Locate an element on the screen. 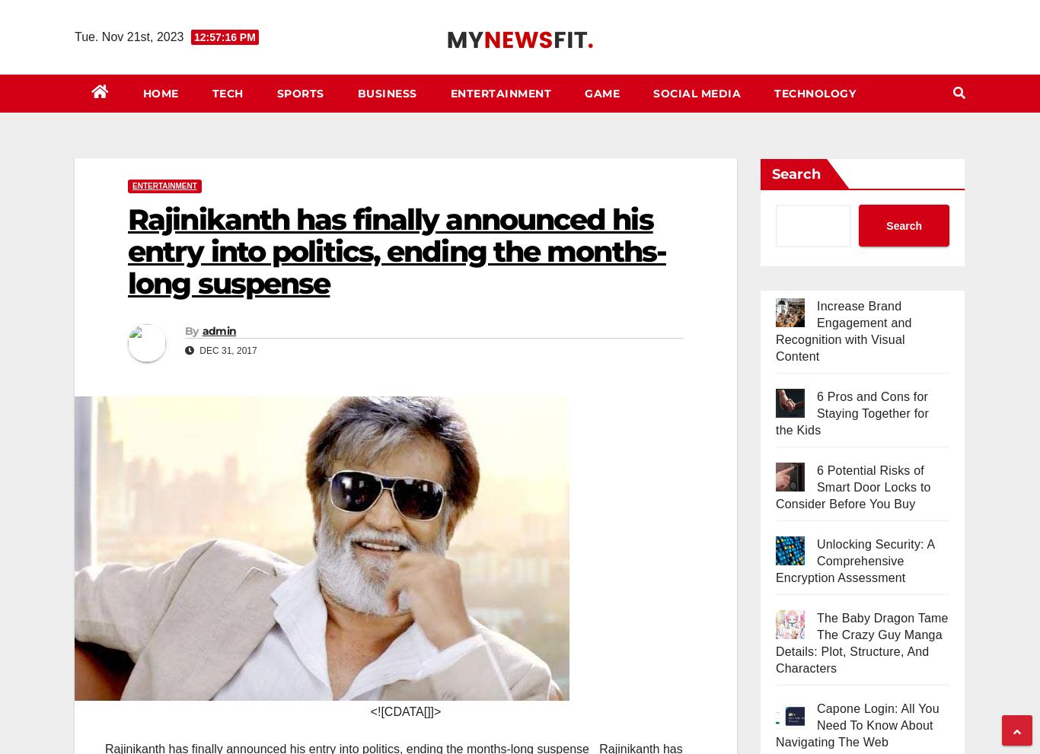 The height and width of the screenshot is (754, 1040). 'admin' is located at coordinates (219, 329).